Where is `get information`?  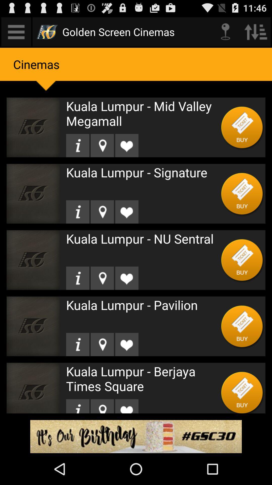 get information is located at coordinates (78, 212).